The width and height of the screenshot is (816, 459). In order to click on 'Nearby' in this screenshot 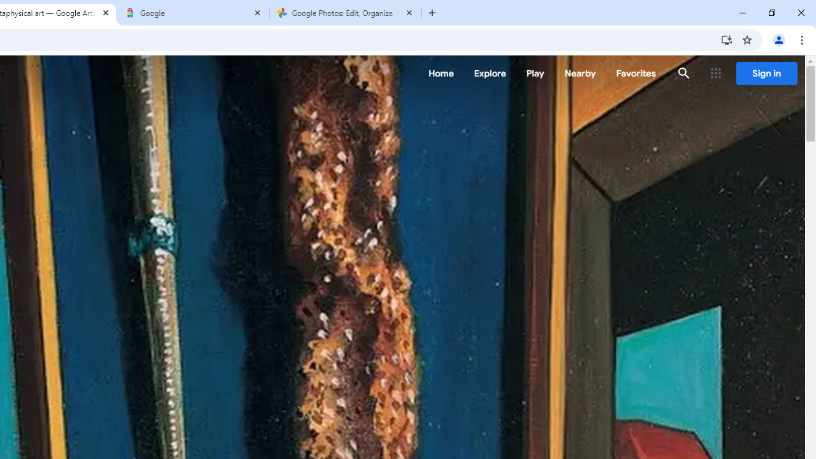, I will do `click(579, 73)`.